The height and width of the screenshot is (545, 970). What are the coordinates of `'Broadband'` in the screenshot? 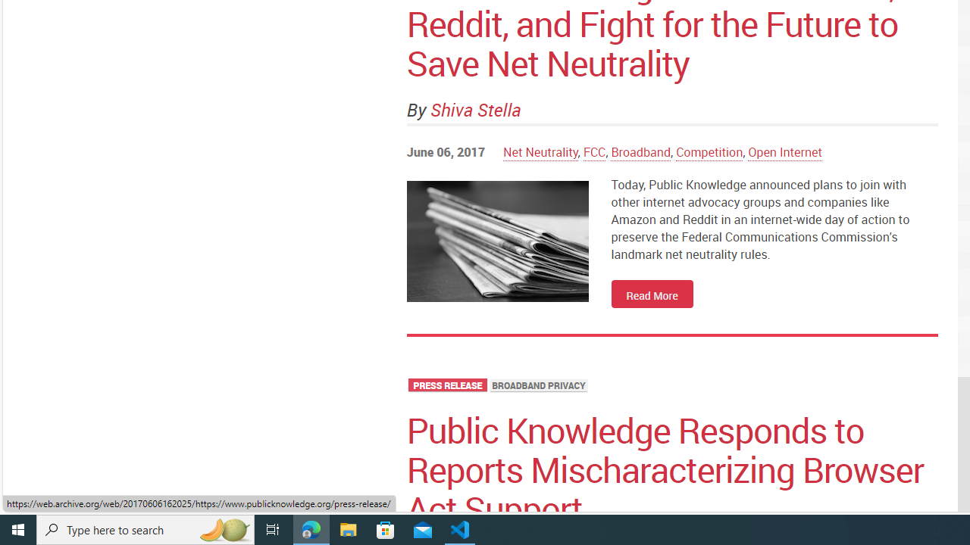 It's located at (641, 151).